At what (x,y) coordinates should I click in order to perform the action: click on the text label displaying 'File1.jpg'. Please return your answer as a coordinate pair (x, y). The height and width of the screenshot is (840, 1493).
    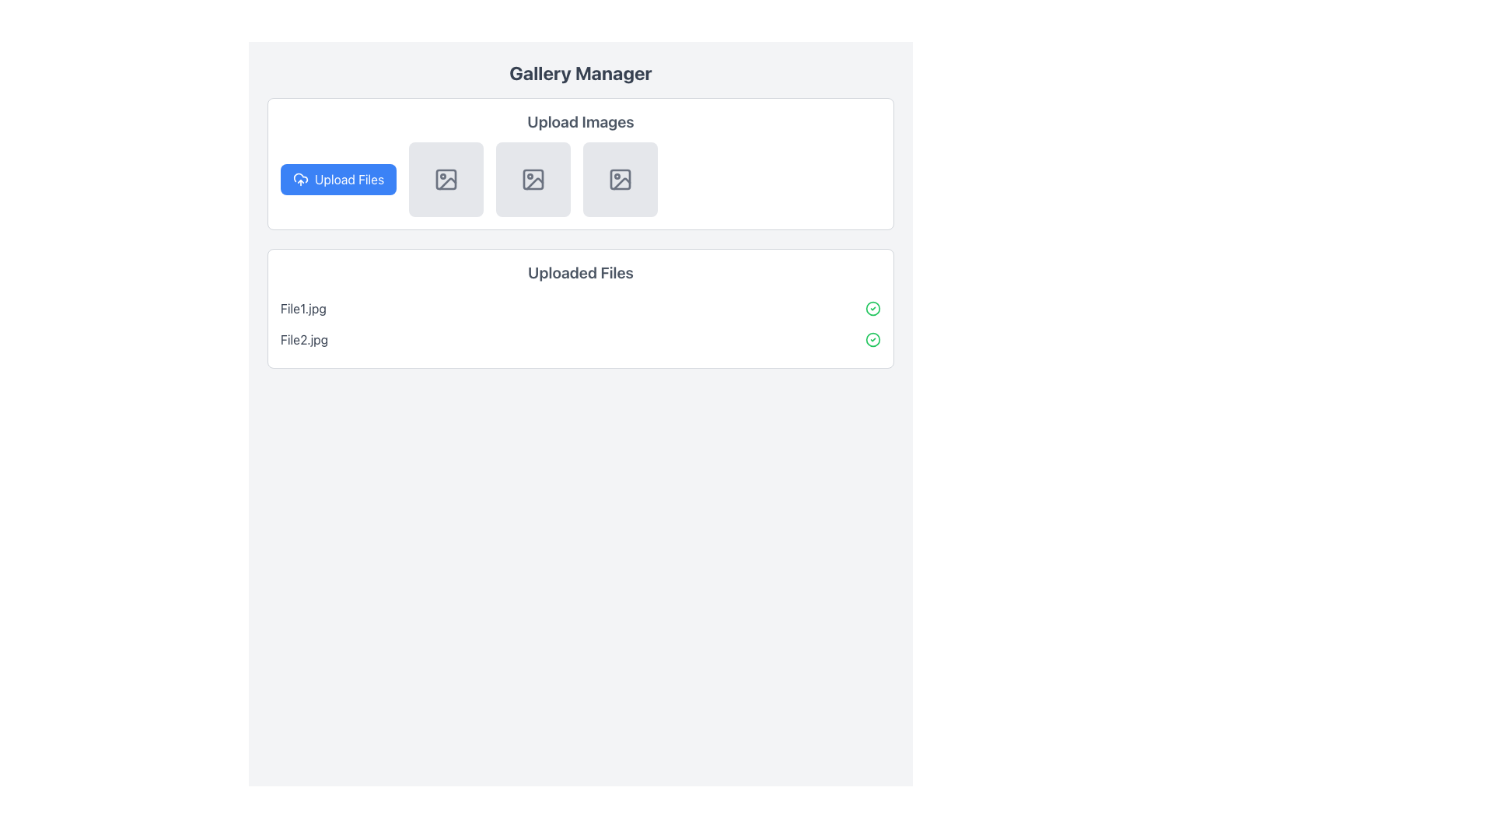
    Looking at the image, I should click on (303, 309).